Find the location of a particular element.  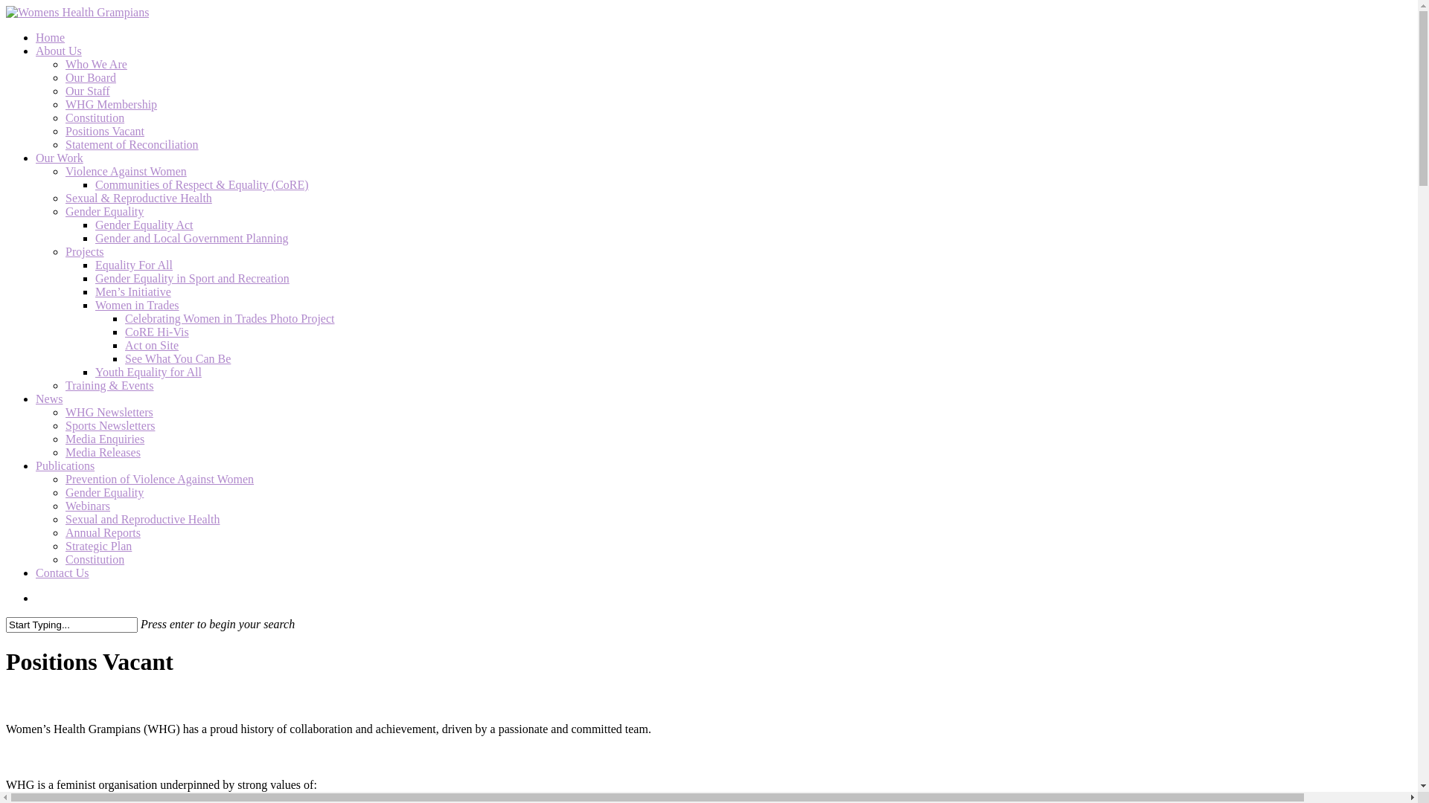

'Equality For All' is located at coordinates (134, 264).